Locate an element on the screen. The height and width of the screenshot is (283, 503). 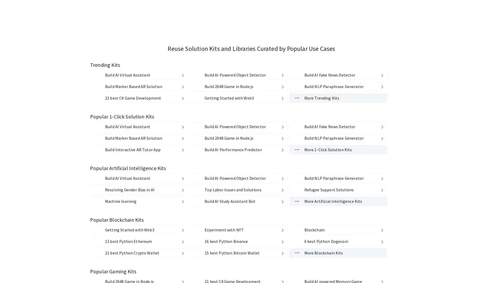
Ruby Ruby is located at coordinates (209, 131).